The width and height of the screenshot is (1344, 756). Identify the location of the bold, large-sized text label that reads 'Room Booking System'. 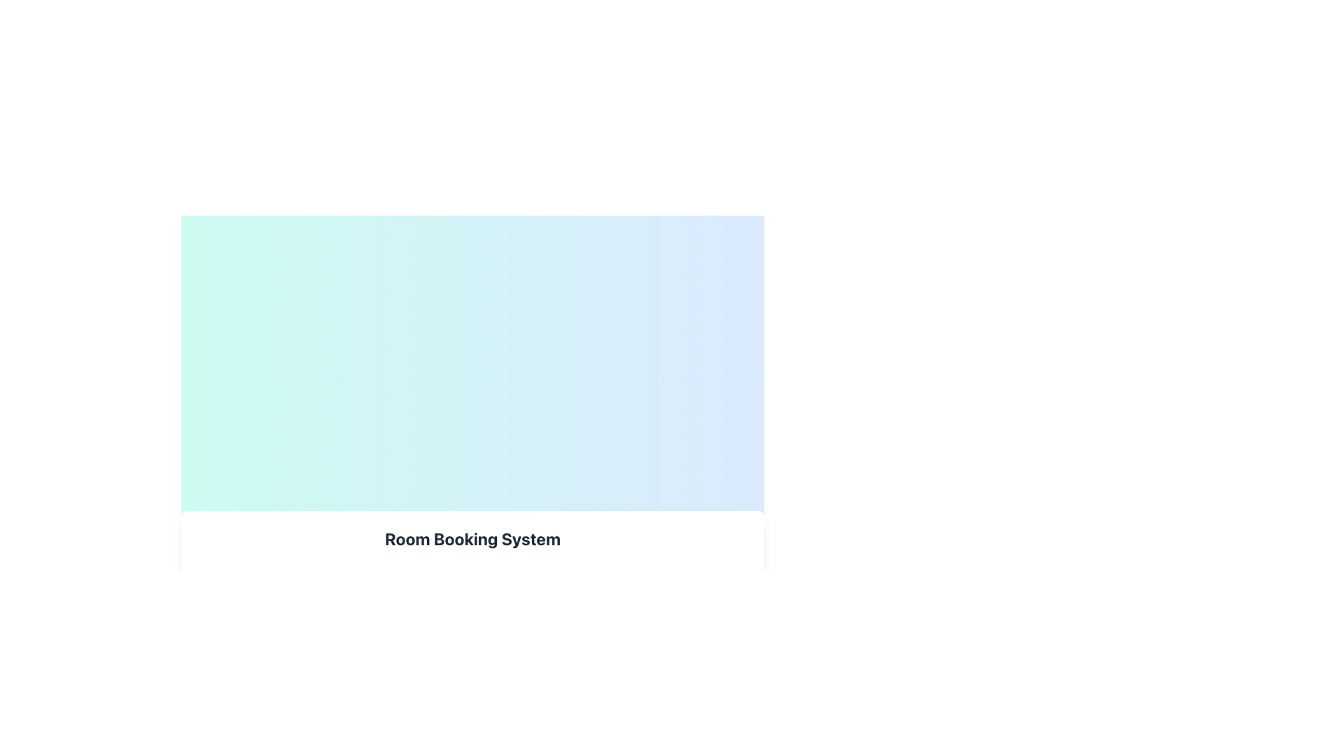
(472, 538).